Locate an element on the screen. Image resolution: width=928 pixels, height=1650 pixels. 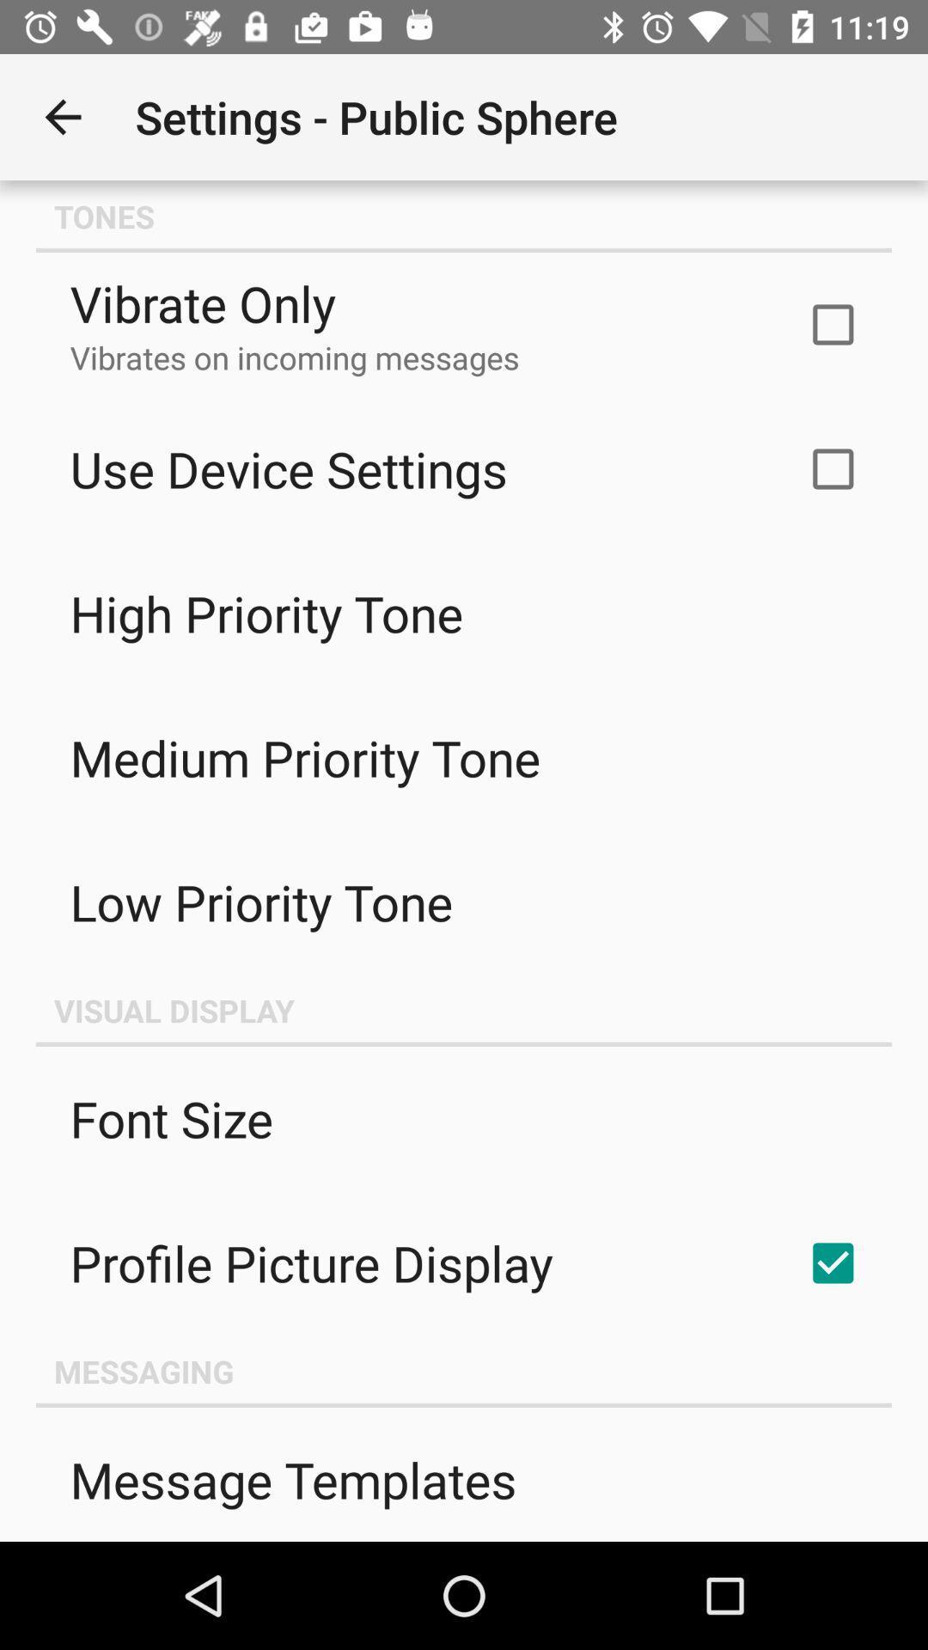
the visual display icon is located at coordinates (464, 1011).